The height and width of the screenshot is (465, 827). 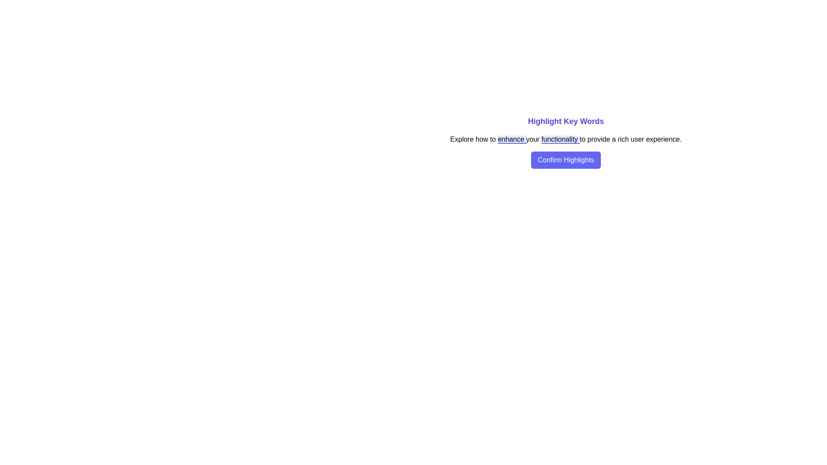 I want to click on the text snippet displaying the word 'to', which is styled with a transparent bottom border and is located between 'functionality' and 'provide', so click(x=583, y=139).